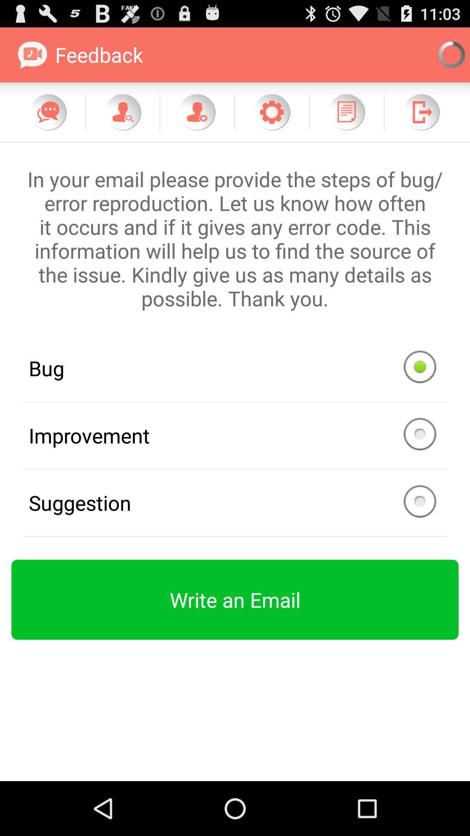 Image resolution: width=470 pixels, height=836 pixels. I want to click on item below the suggestion icon, so click(235, 599).